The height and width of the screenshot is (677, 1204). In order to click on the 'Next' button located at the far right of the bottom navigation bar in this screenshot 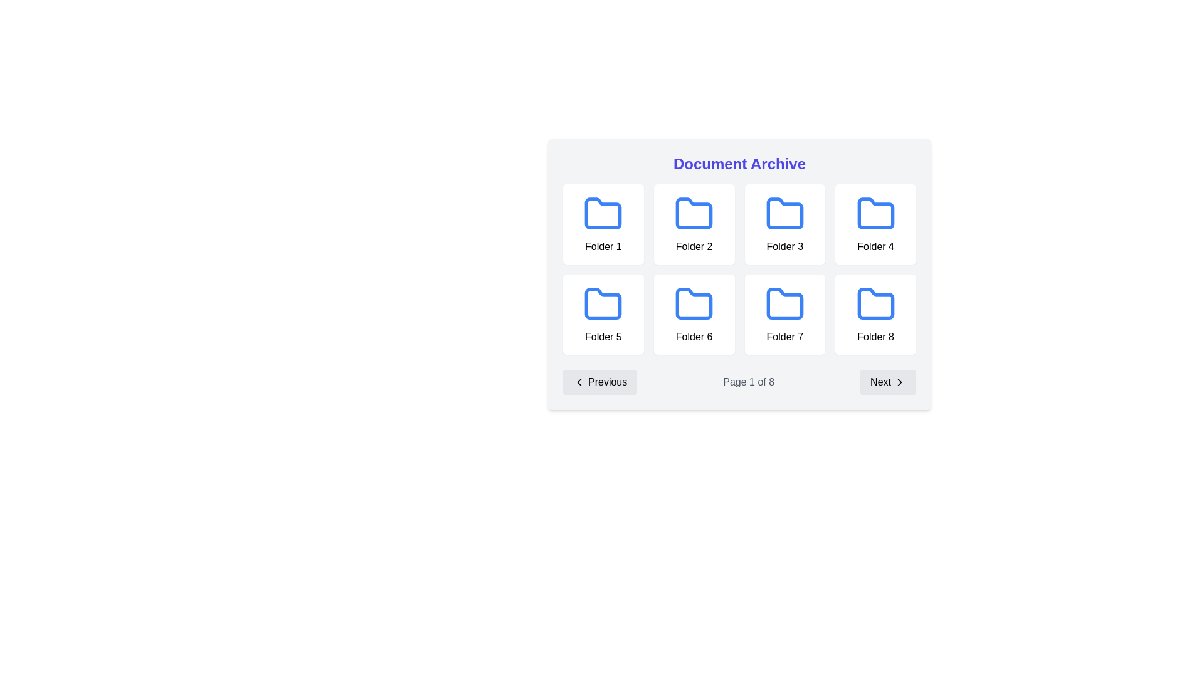, I will do `click(887, 381)`.